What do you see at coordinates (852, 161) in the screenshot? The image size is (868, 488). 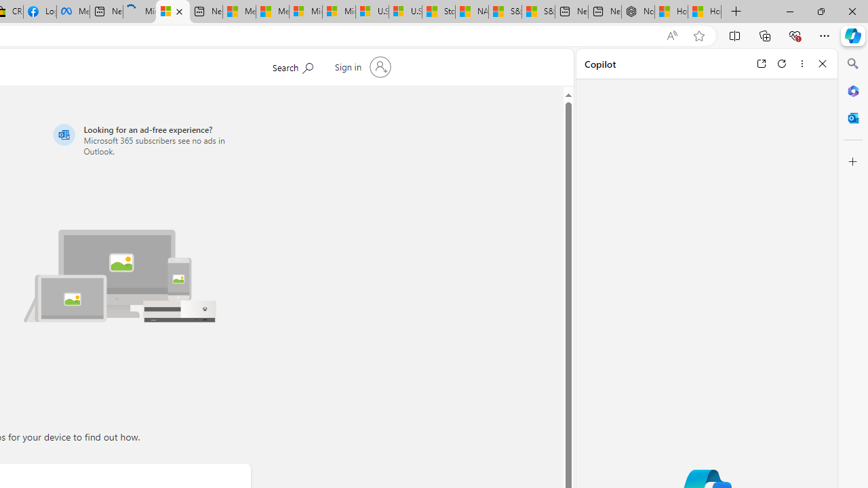 I see `'Customize'` at bounding box center [852, 161].